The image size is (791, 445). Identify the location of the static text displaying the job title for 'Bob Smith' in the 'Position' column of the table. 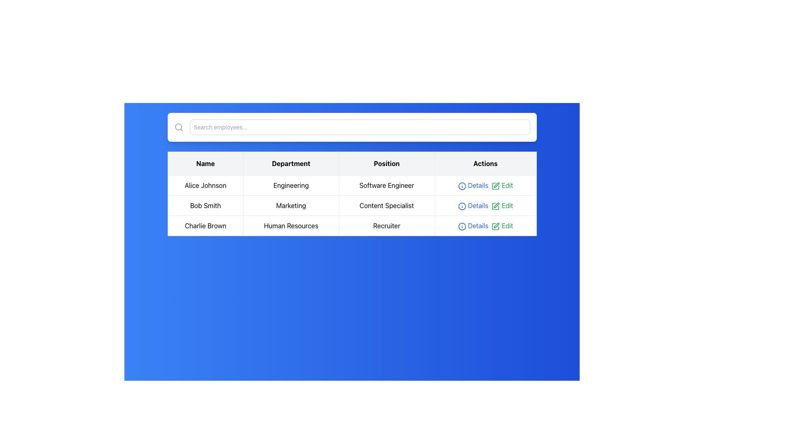
(386, 205).